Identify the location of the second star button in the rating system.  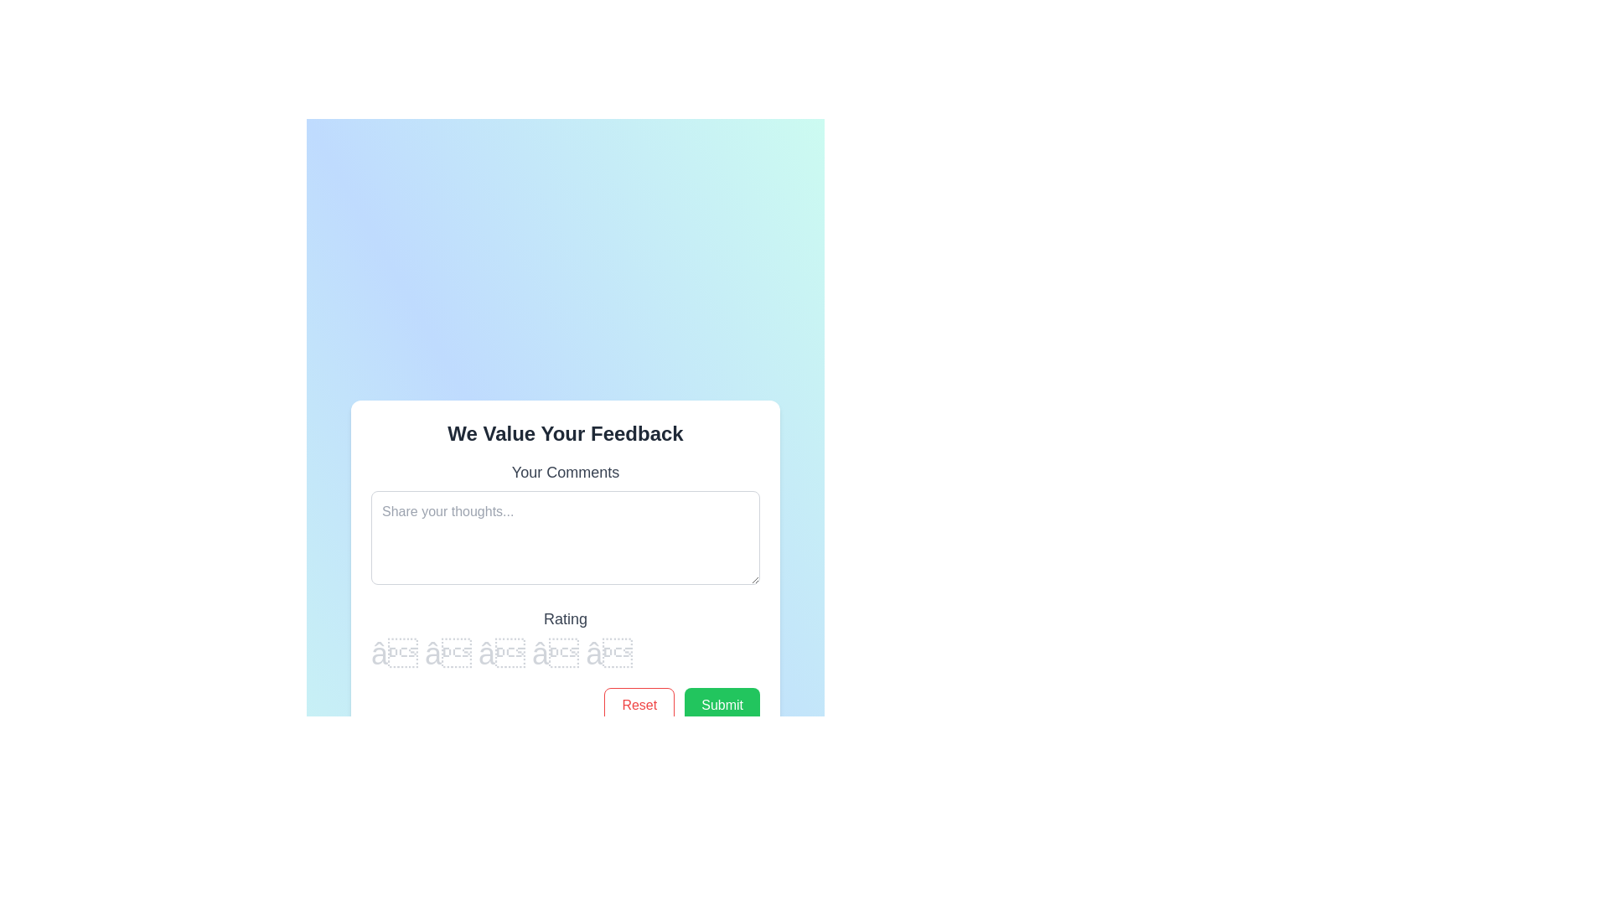
(448, 653).